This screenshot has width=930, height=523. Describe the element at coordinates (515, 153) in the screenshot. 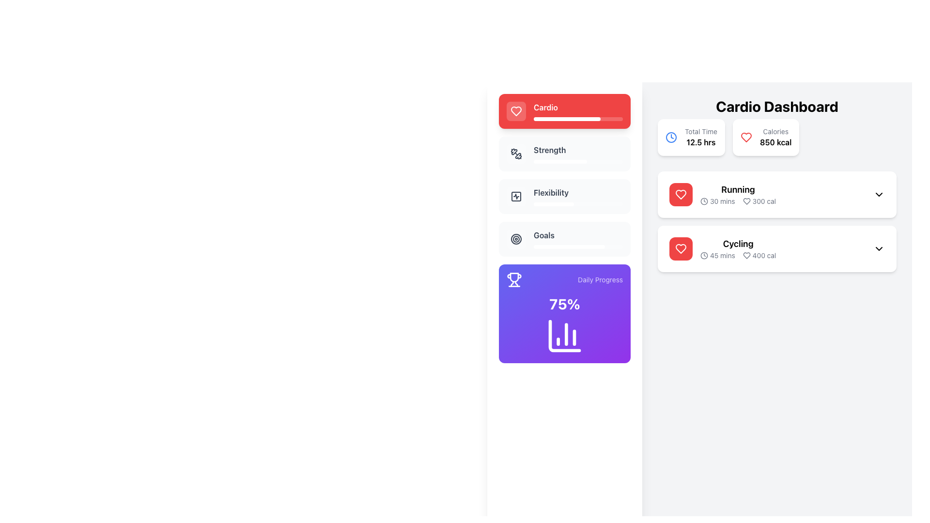

I see `the dumbbell icon located in the left-hand vertical navigation panel below the 'Cardio' header` at that location.